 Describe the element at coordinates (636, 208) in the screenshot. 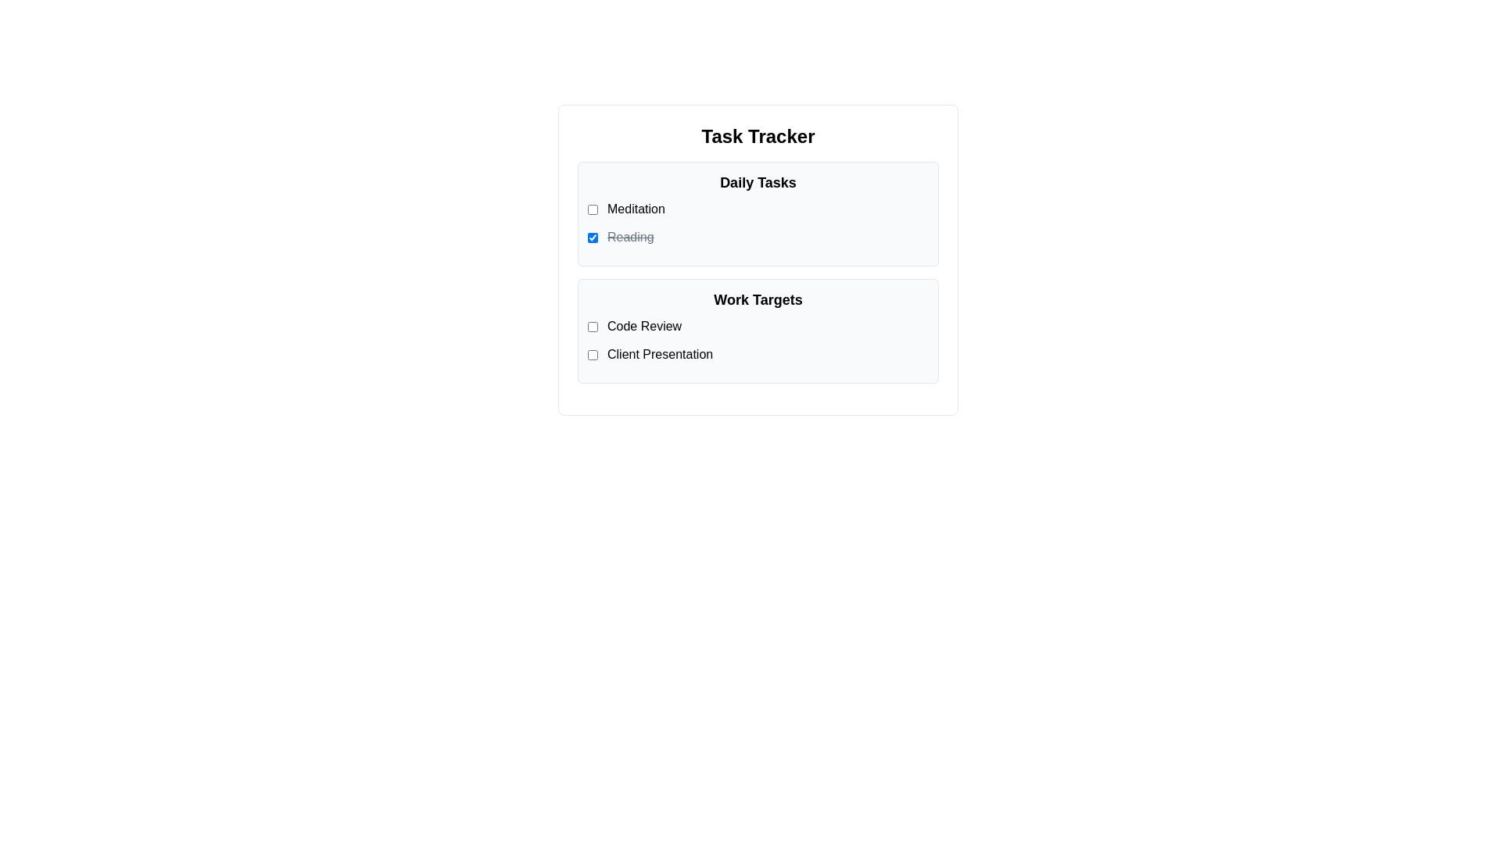

I see `the 'Meditation' text label in the 'Daily Tasks' section to focus on it` at that location.